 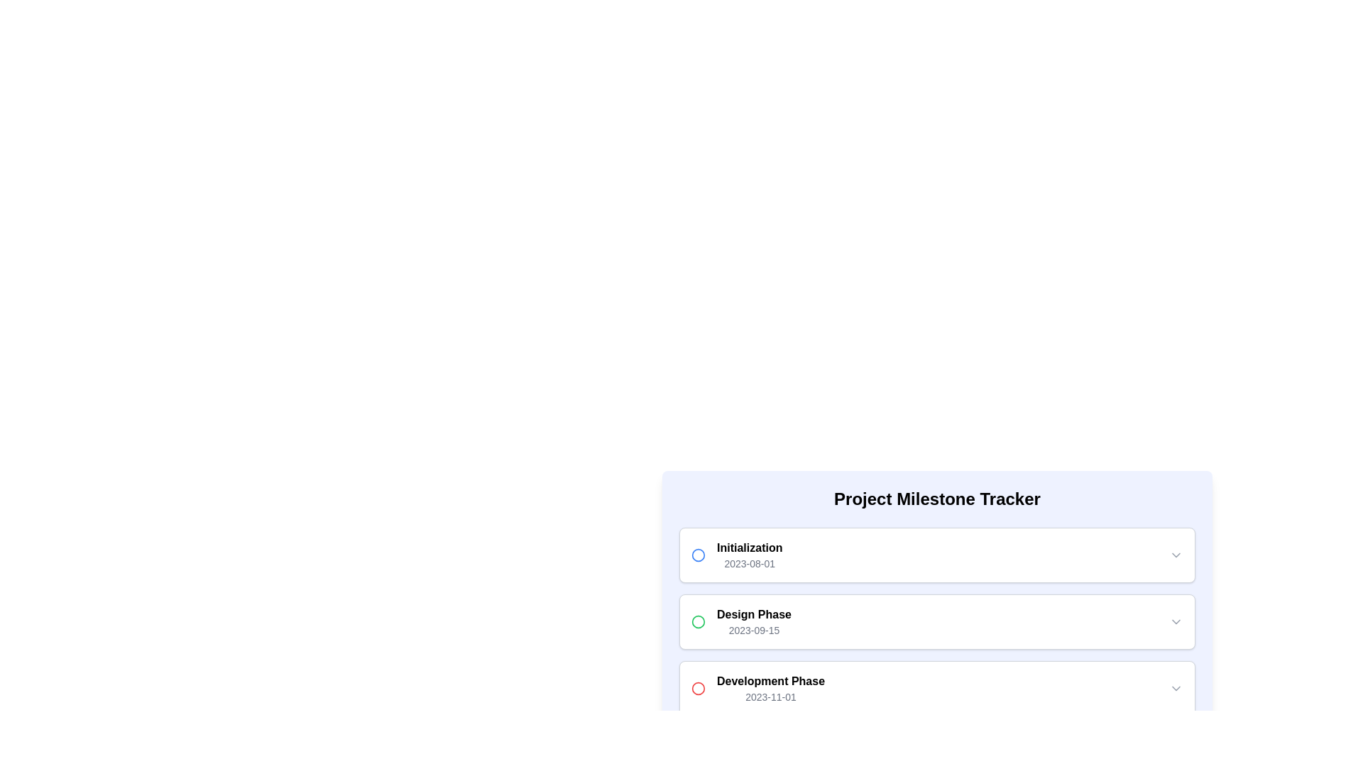 What do you see at coordinates (753, 614) in the screenshot?
I see `or read the content of the Text label that serves as the title of the milestone, located in the second block of the project milestone tracker, between the 'Initialization' and 'Development Phase' blocks` at bounding box center [753, 614].